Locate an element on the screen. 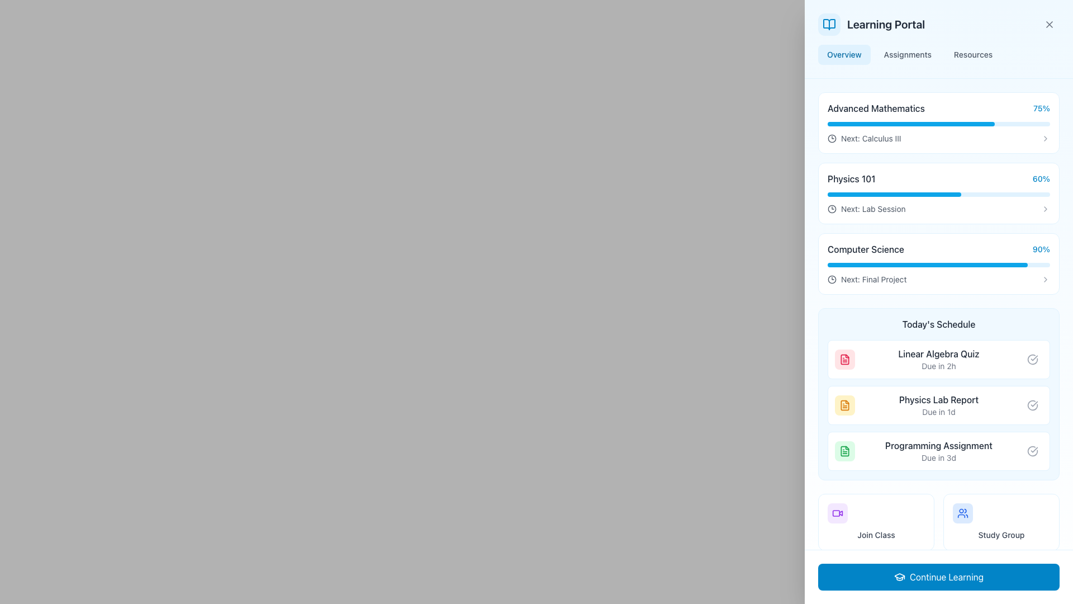 The width and height of the screenshot is (1073, 604). the state indicated by the icon located to the right of the 'Physics Lab Report' entry in the 'Today's Schedule' section is located at coordinates (1032, 405).